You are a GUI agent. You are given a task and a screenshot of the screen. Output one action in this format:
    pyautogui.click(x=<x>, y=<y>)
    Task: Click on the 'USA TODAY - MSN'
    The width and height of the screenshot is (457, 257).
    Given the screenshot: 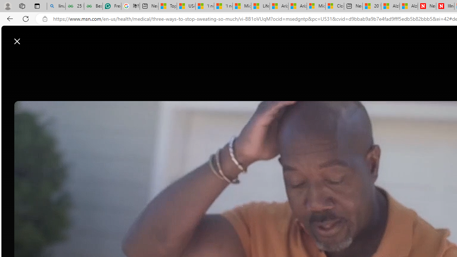 What is the action you would take?
    pyautogui.click(x=186, y=6)
    